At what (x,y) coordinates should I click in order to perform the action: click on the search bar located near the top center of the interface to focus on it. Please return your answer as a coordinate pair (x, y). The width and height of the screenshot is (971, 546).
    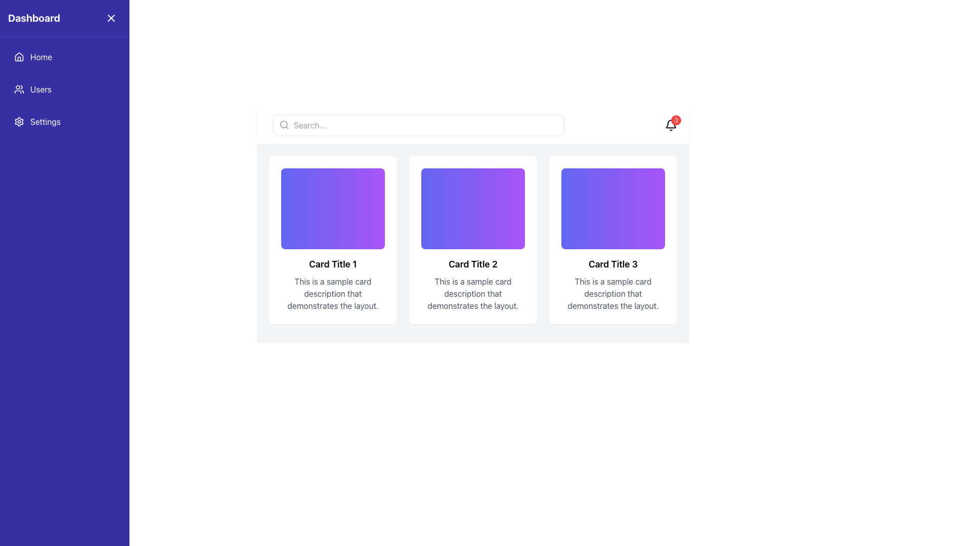
    Looking at the image, I should click on (419, 124).